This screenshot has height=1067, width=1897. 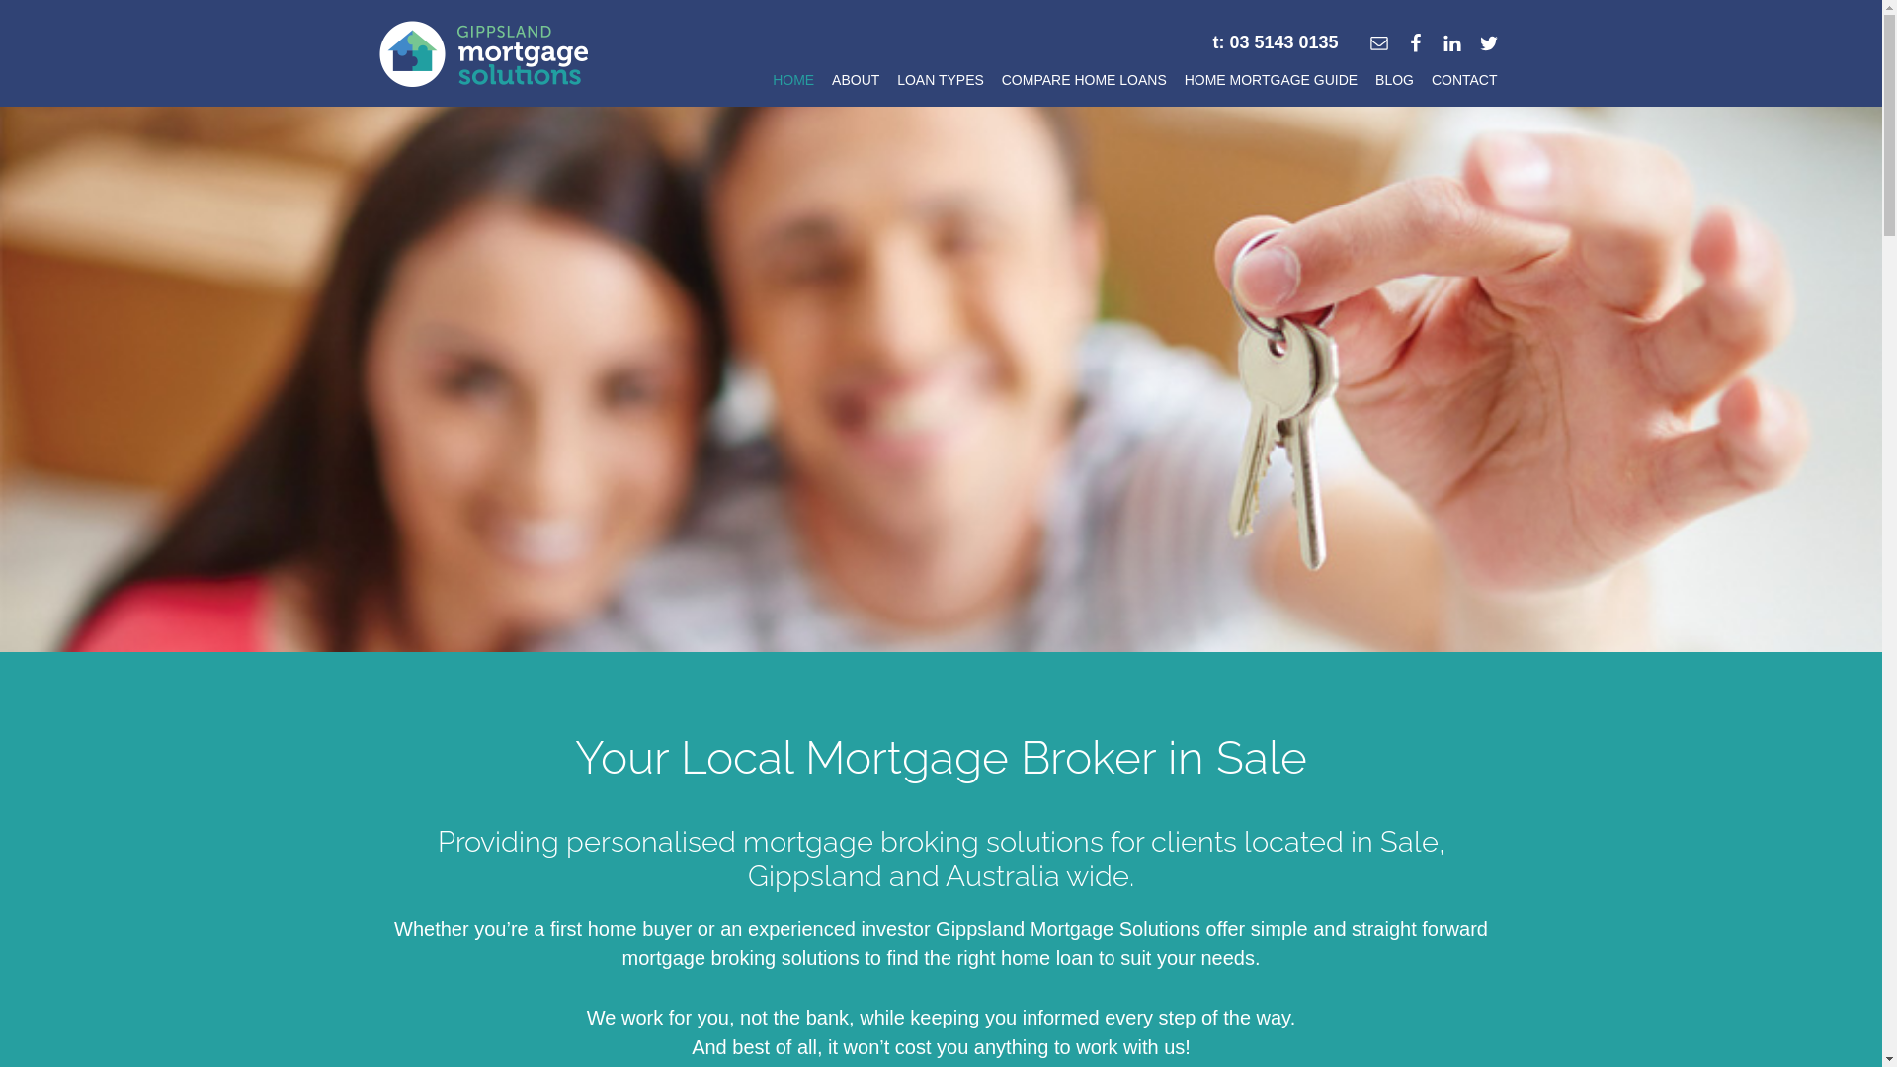 I want to click on 'CONTACT', so click(x=1464, y=83).